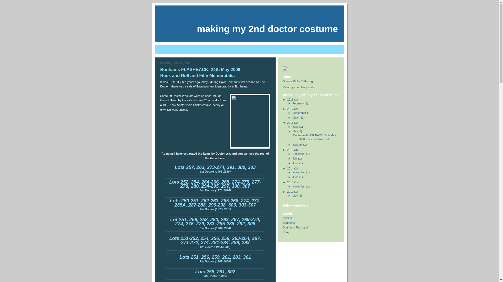 The width and height of the screenshot is (503, 282). Describe the element at coordinates (289, 222) in the screenshot. I see `'Bonhams'` at that location.